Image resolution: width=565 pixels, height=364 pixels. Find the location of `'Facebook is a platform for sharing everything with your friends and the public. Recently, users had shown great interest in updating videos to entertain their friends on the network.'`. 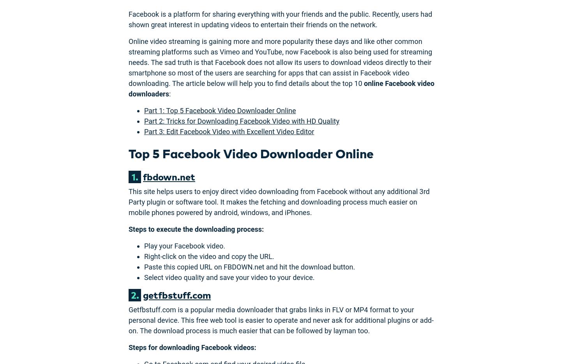

'Facebook is a platform for sharing everything with your friends and the public. Recently, users had shown great interest in updating videos to entertain their friends on the network.' is located at coordinates (280, 19).